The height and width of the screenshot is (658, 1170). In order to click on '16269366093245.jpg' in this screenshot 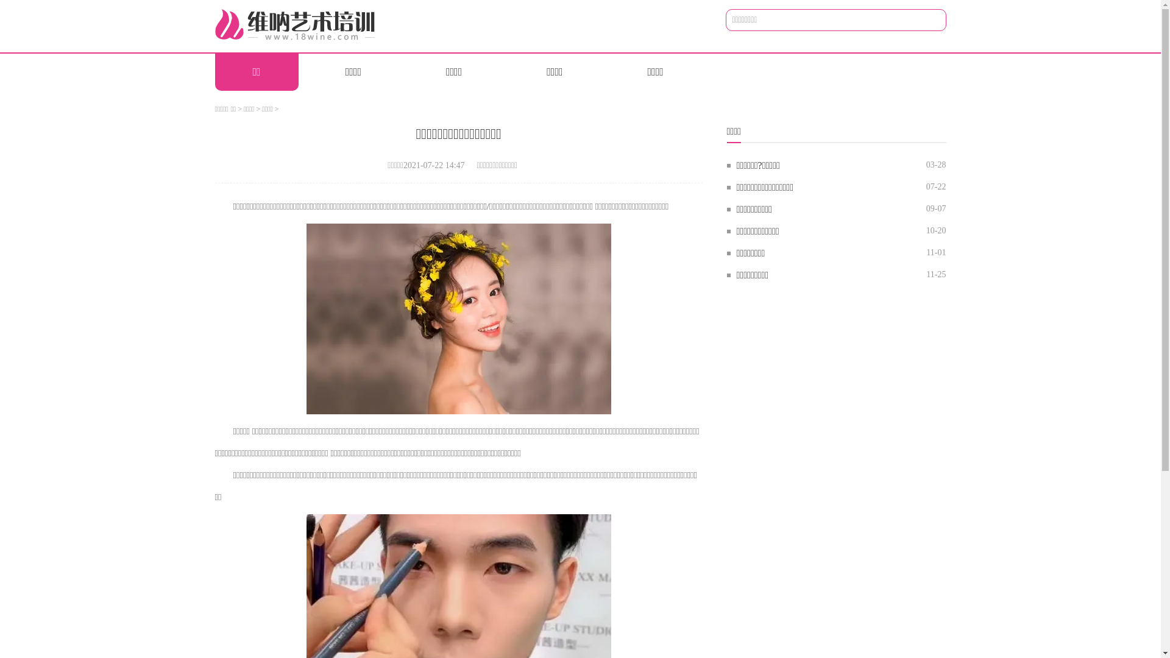, I will do `click(458, 318)`.